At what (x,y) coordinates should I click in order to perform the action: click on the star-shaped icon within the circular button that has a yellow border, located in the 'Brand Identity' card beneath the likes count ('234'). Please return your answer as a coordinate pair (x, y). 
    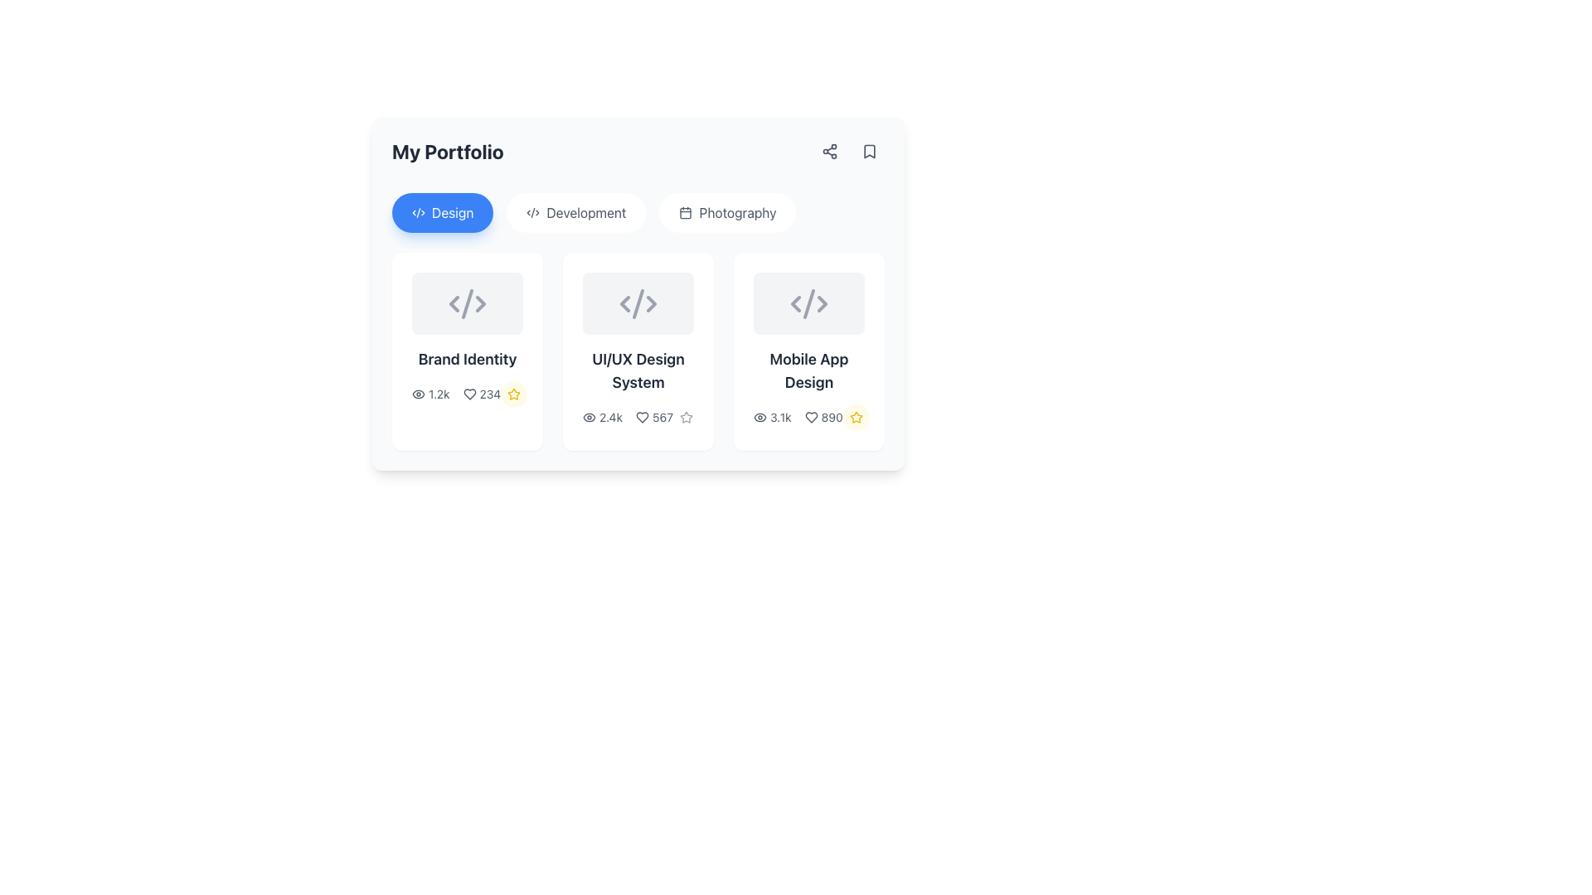
    Looking at the image, I should click on (513, 394).